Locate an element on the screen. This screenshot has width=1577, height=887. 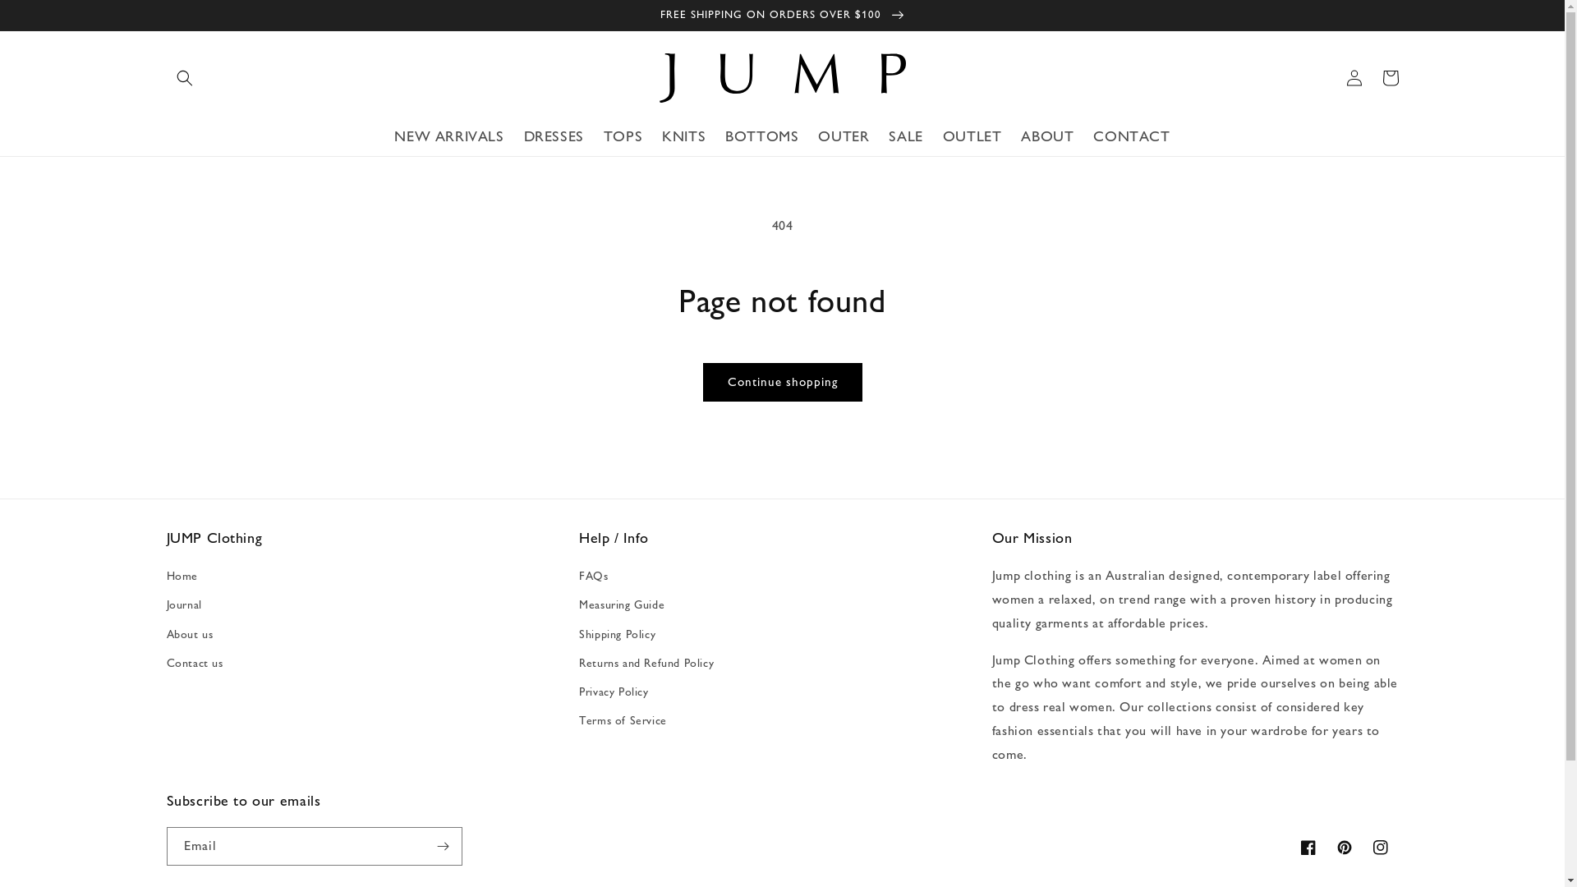
'OUTLET' is located at coordinates (972, 136).